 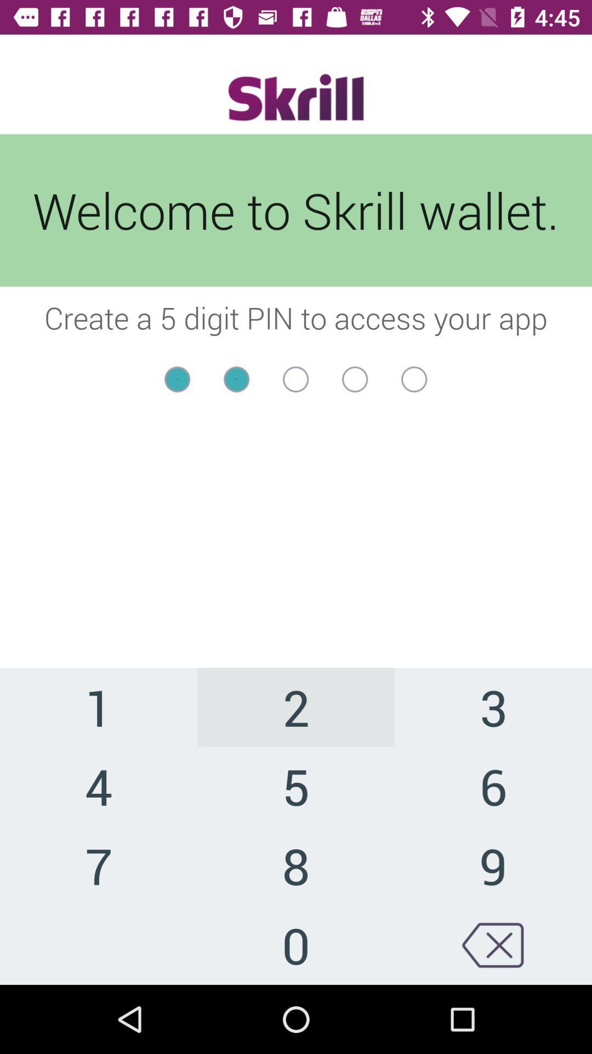 What do you see at coordinates (492, 786) in the screenshot?
I see `the 6` at bounding box center [492, 786].